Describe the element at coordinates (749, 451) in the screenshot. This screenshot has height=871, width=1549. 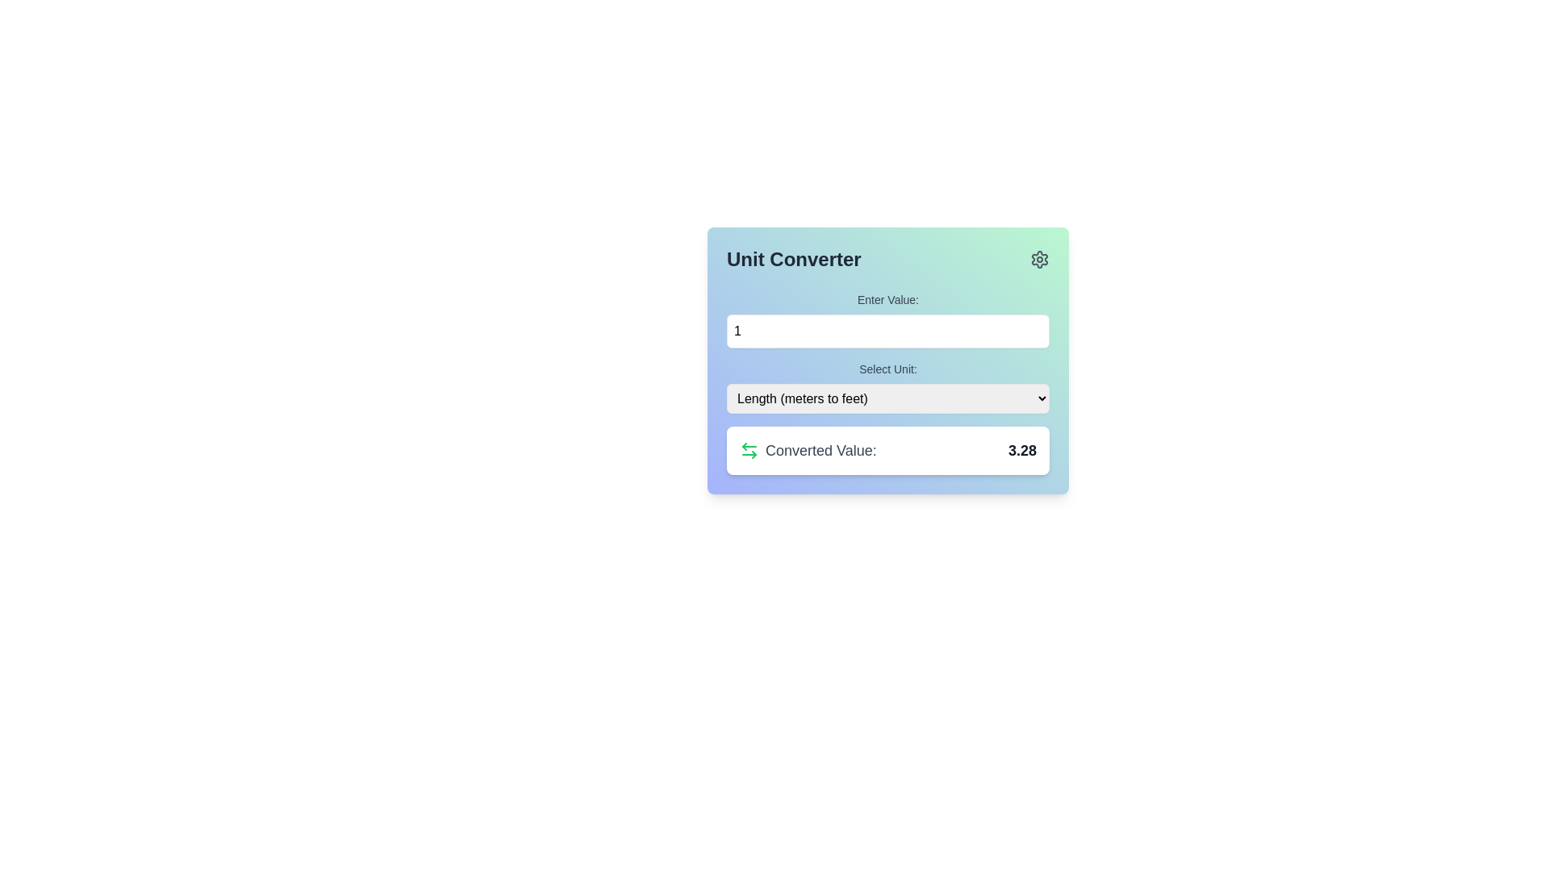
I see `the green bidirectional arrow icon located to the left of the 'Converted Value:' label in the 'Unit Converter' card interface` at that location.